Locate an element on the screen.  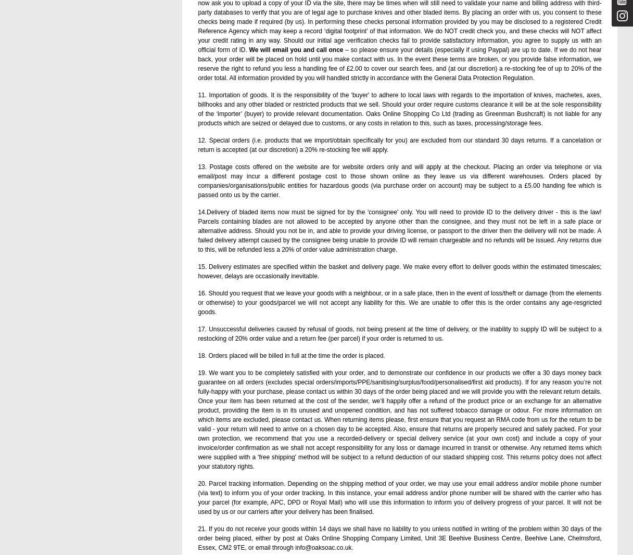
'11. Importation of goods. It is the responsibility of the 'buyer' to adhere to local laws with regards to the importation of knives, machetes, axes, billhooks and any other bladed or restricted products that we sell. Should your order require customs clearance it will be at the sole responsibility of the ‘importer’ (buyer) to provide relevant documentation. Oaks Online Shopping Co Ltd (trading as Greenman Bushcraft) is not liable for any products which are seized or delayed due to customs, or any costs in relation to this, such as taxes, processing/storage fees.' is located at coordinates (399, 109).